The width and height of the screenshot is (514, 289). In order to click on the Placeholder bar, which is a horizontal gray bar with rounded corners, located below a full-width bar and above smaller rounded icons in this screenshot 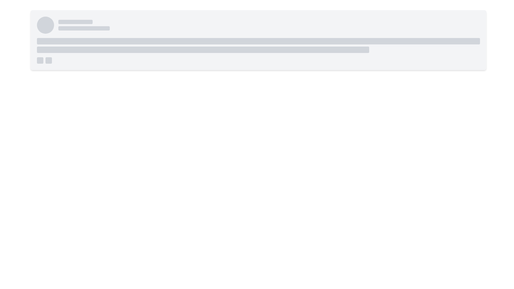, I will do `click(203, 50)`.